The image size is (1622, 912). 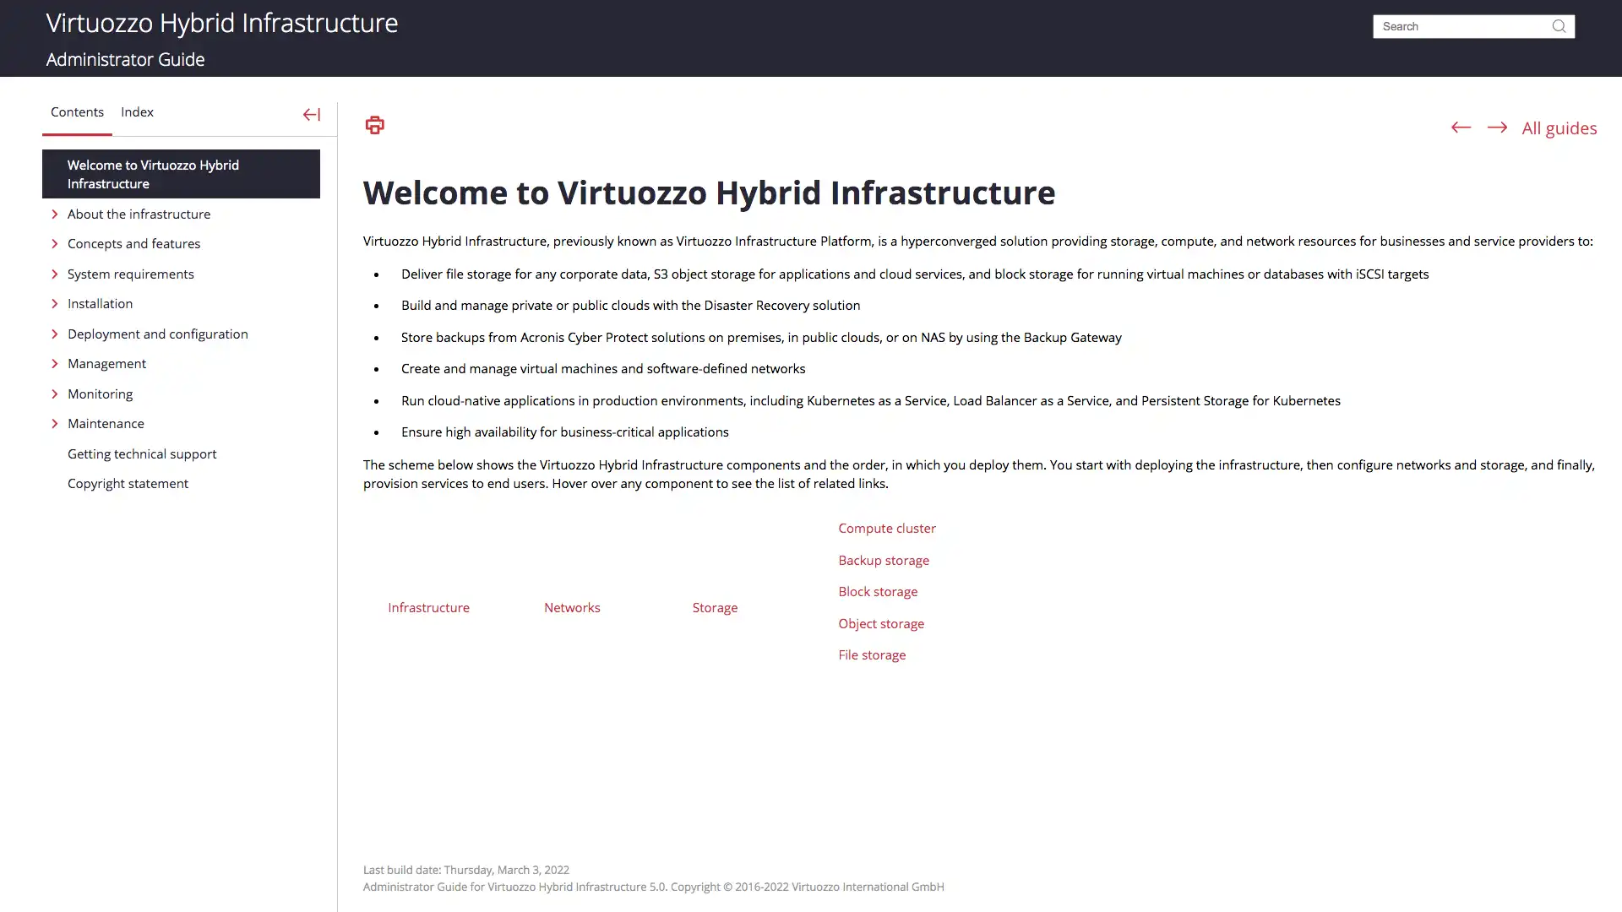 I want to click on All guides, so click(x=1559, y=127).